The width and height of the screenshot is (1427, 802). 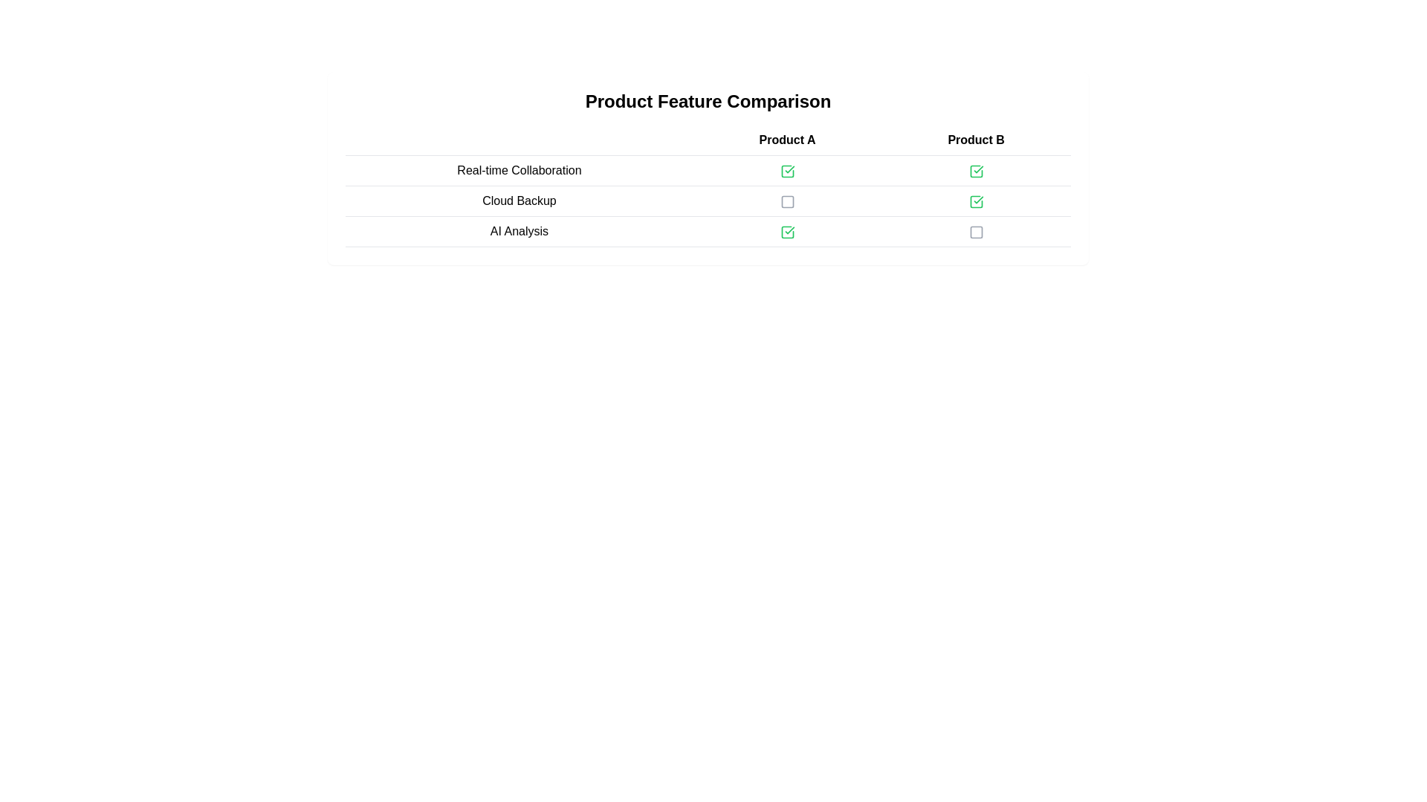 What do you see at coordinates (976, 200) in the screenshot?
I see `the green checkbox indicator with a checkmark that indicates an active selection state under the 'Cloud Backup' feature row and within the 'Product B' column of the comparison table` at bounding box center [976, 200].